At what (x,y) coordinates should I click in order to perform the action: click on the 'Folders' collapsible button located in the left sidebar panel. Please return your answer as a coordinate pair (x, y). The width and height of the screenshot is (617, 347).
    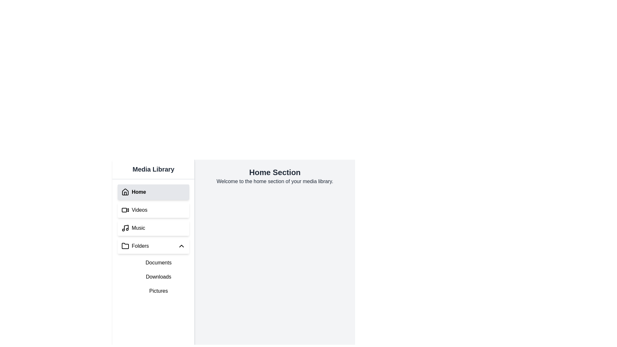
    Looking at the image, I should click on (153, 246).